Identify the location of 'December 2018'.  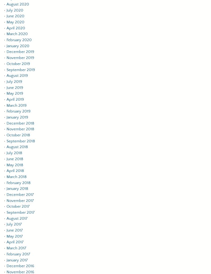
(20, 123).